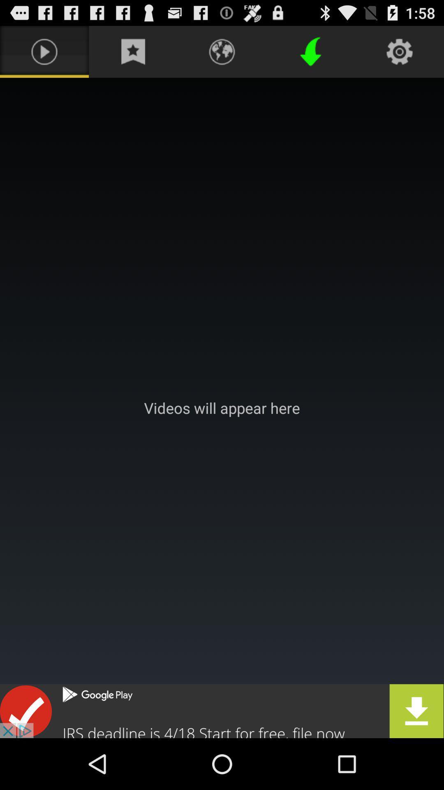  Describe the element at coordinates (222, 408) in the screenshot. I see `videos watching screen` at that location.